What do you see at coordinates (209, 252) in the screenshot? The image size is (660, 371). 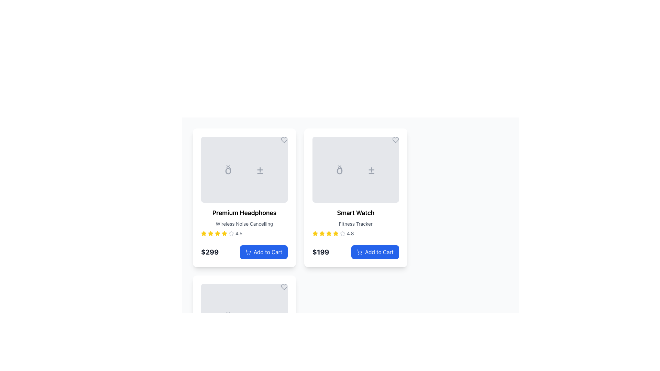 I see `the static text displaying the price of the product within the 'Premium Headphones' product card, located at the bottom-left, to the left of the 'Add to Cart' button` at bounding box center [209, 252].